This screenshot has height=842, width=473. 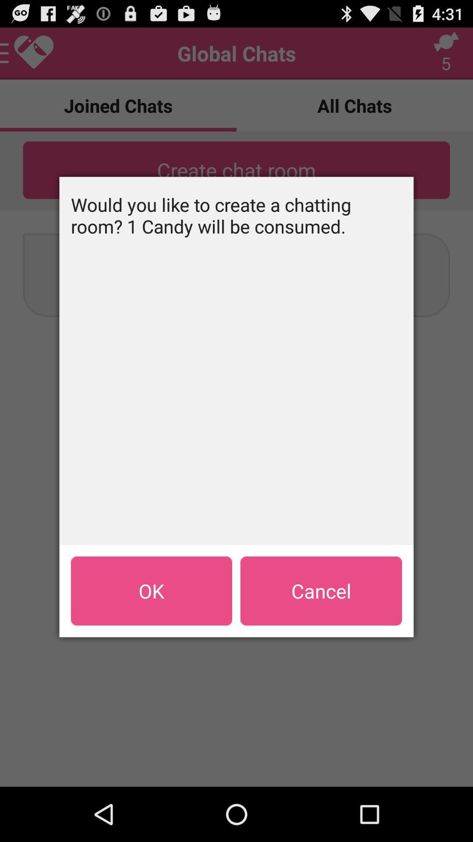 What do you see at coordinates (151, 591) in the screenshot?
I see `app to the left of cancel icon` at bounding box center [151, 591].